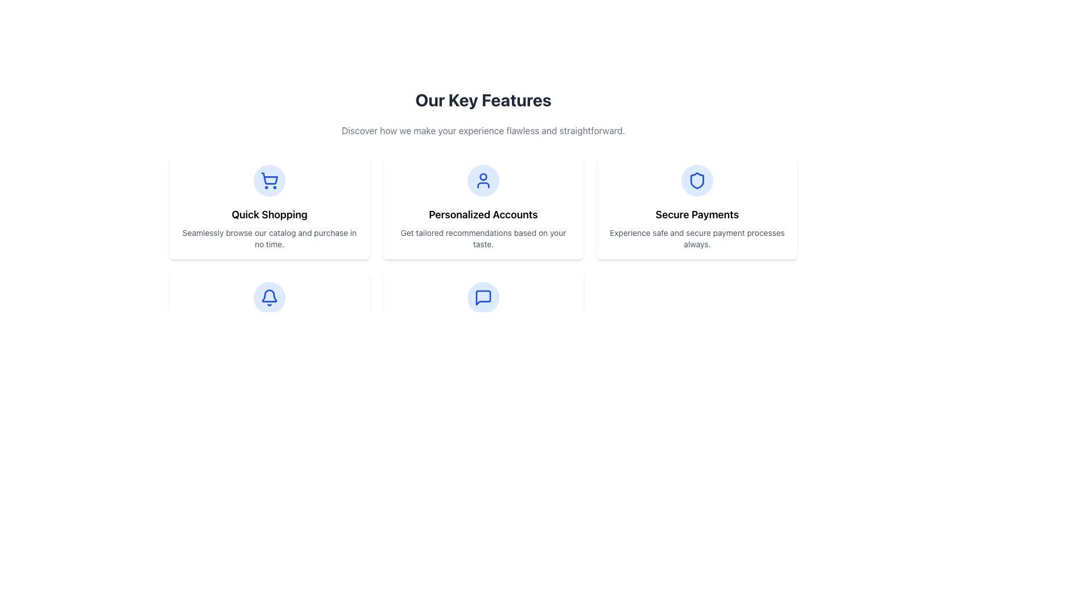  What do you see at coordinates (269, 180) in the screenshot?
I see `the quick shopping icon located at the top of the card titled 'Quick Shopping', which is centered horizontally above the text 'Seamlessly browse our catalog and purchase in no time.'` at bounding box center [269, 180].